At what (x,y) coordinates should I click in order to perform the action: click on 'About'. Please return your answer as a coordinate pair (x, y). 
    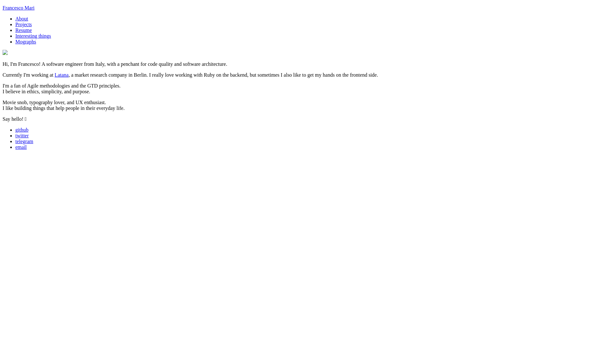
    Looking at the image, I should click on (21, 18).